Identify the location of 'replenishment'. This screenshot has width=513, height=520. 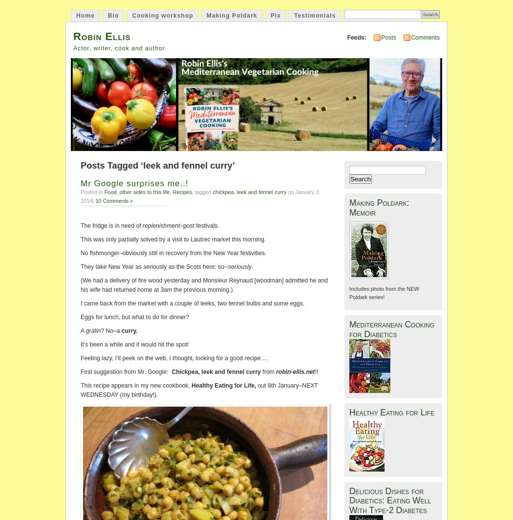
(160, 225).